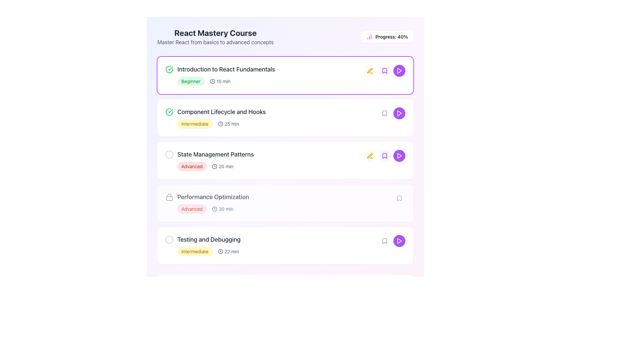 The height and width of the screenshot is (359, 639). What do you see at coordinates (215, 42) in the screenshot?
I see `text label that serves as a description for the 'React Mastery Course', positioned immediately below the main title` at bounding box center [215, 42].